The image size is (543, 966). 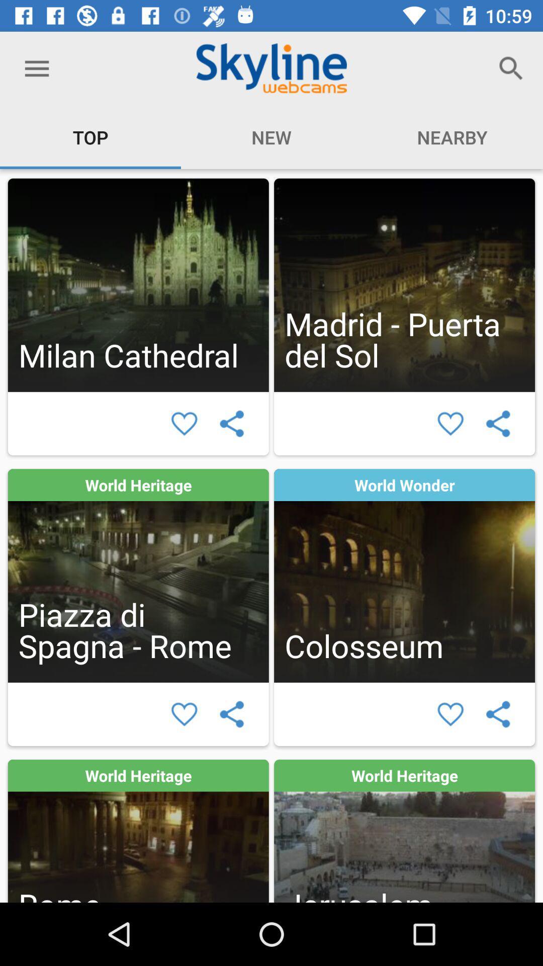 What do you see at coordinates (184, 424) in the screenshot?
I see `like/favorite toggle` at bounding box center [184, 424].